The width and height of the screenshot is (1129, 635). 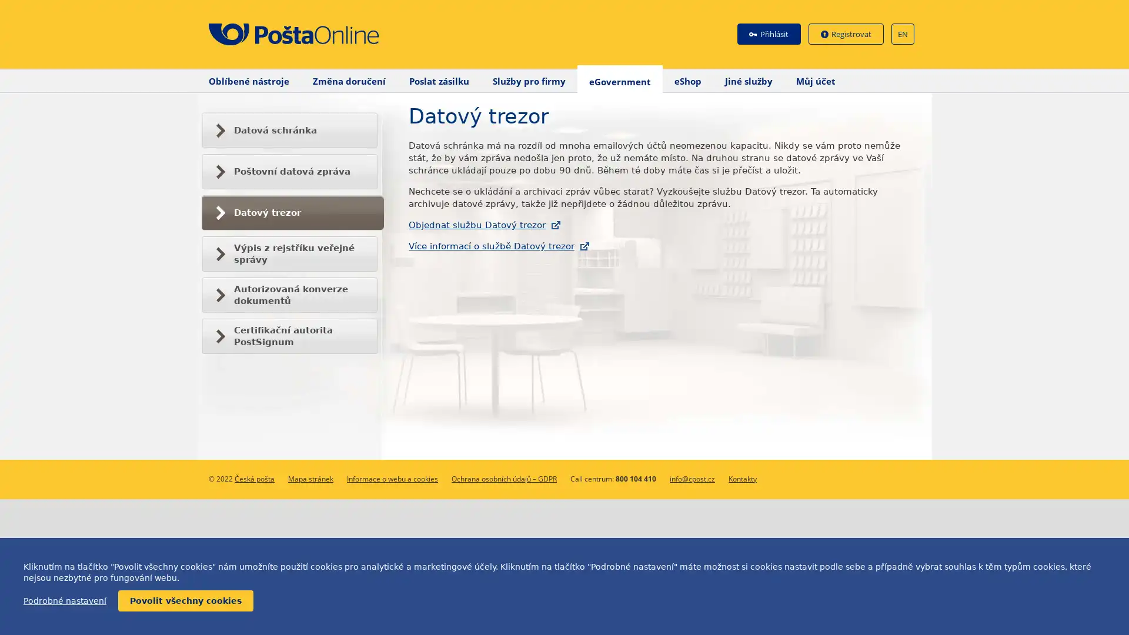 I want to click on Povolit vsechny cookies, so click(x=185, y=601).